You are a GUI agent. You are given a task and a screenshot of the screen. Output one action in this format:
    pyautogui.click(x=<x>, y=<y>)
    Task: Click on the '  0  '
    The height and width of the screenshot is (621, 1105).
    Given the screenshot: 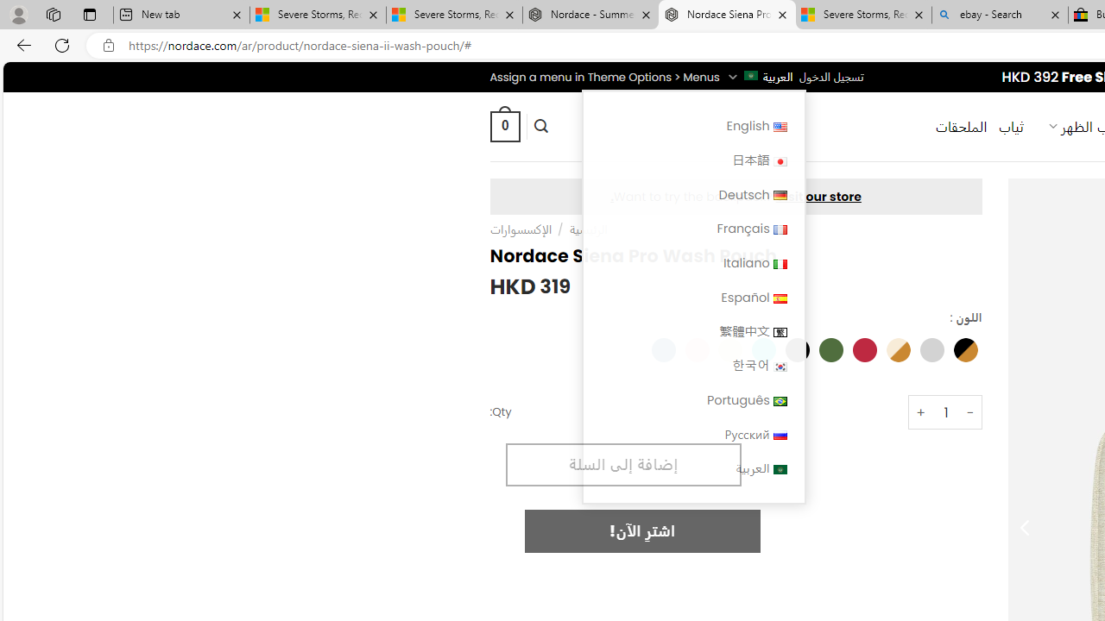 What is the action you would take?
    pyautogui.click(x=503, y=125)
    